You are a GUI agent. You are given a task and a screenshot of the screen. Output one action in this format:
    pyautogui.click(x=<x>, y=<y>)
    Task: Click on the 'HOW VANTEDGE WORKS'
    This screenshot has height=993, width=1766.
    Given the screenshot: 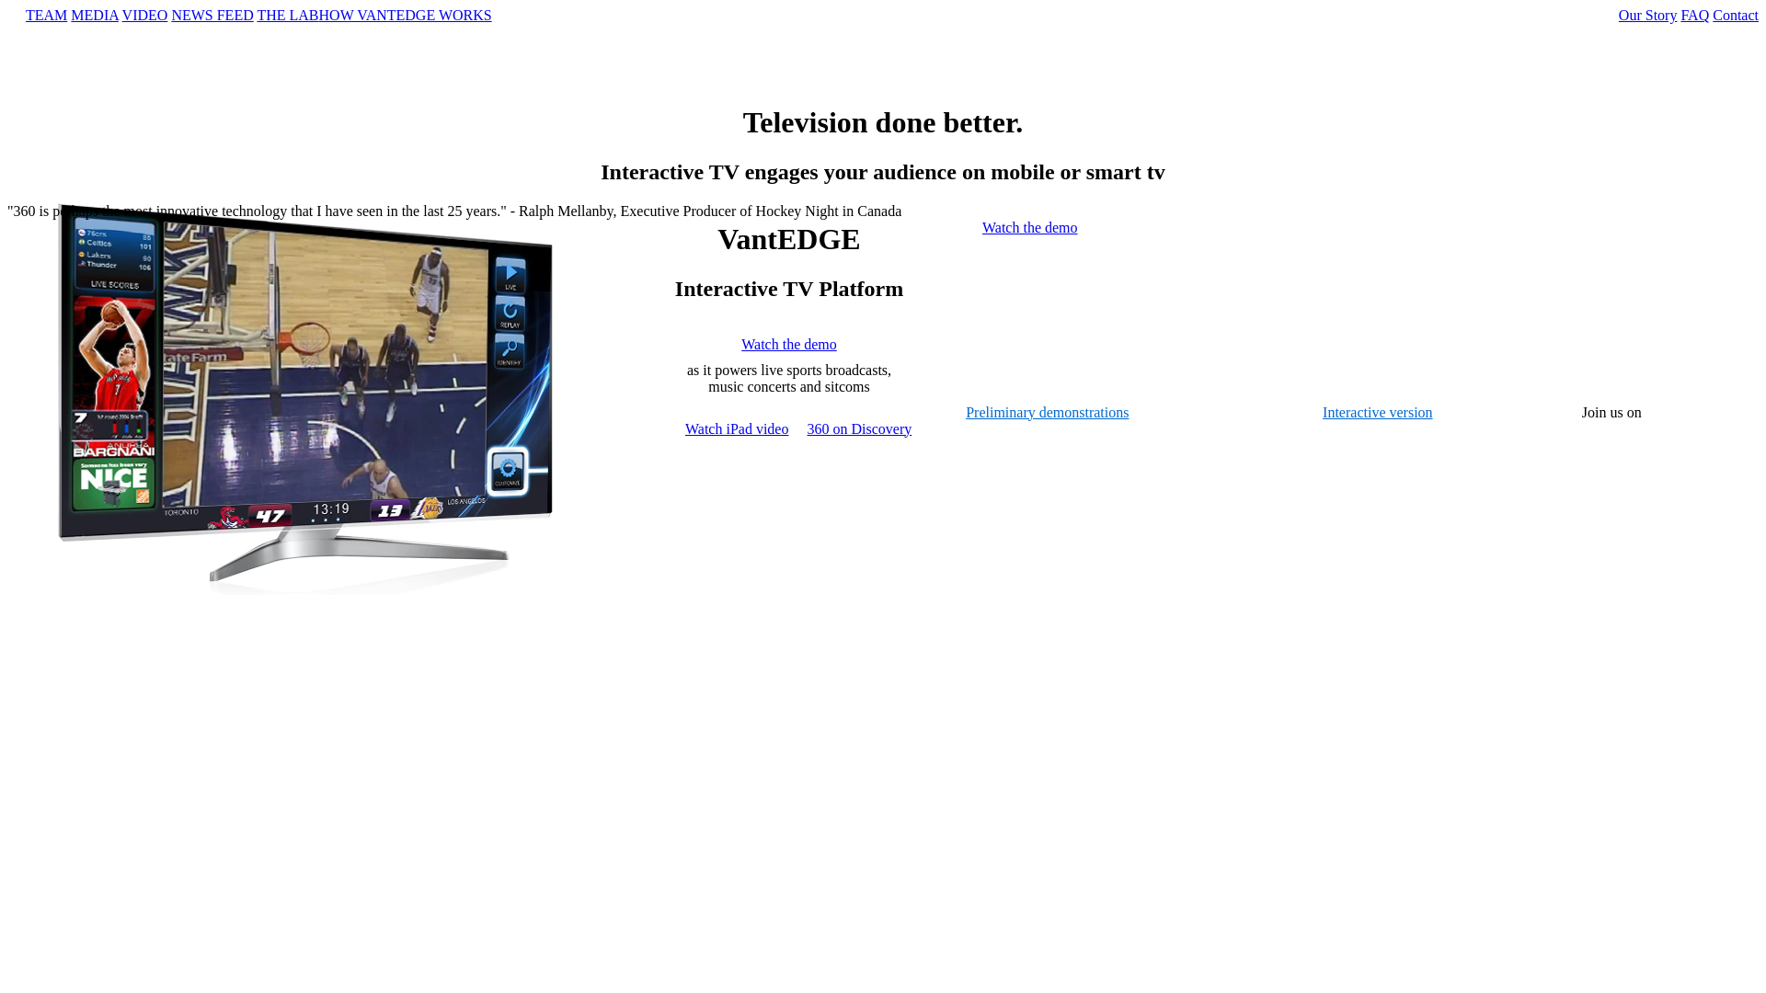 What is the action you would take?
    pyautogui.click(x=405, y=15)
    